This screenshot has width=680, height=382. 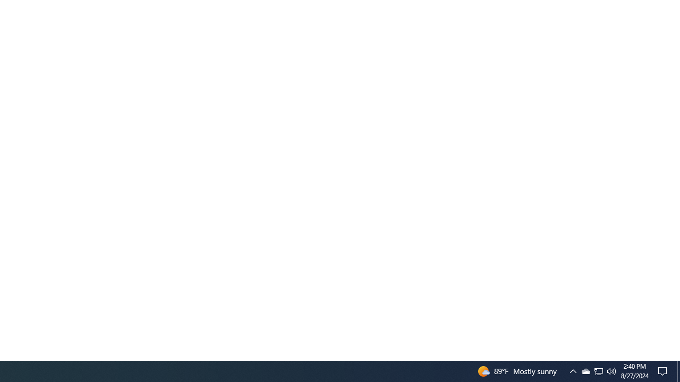 I want to click on 'Notification Chevron', so click(x=585, y=370).